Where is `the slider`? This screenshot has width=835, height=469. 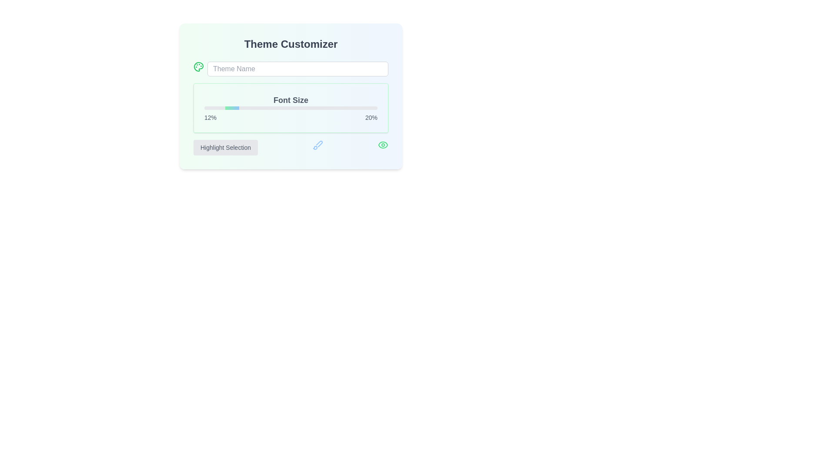
the slider is located at coordinates (355, 108).